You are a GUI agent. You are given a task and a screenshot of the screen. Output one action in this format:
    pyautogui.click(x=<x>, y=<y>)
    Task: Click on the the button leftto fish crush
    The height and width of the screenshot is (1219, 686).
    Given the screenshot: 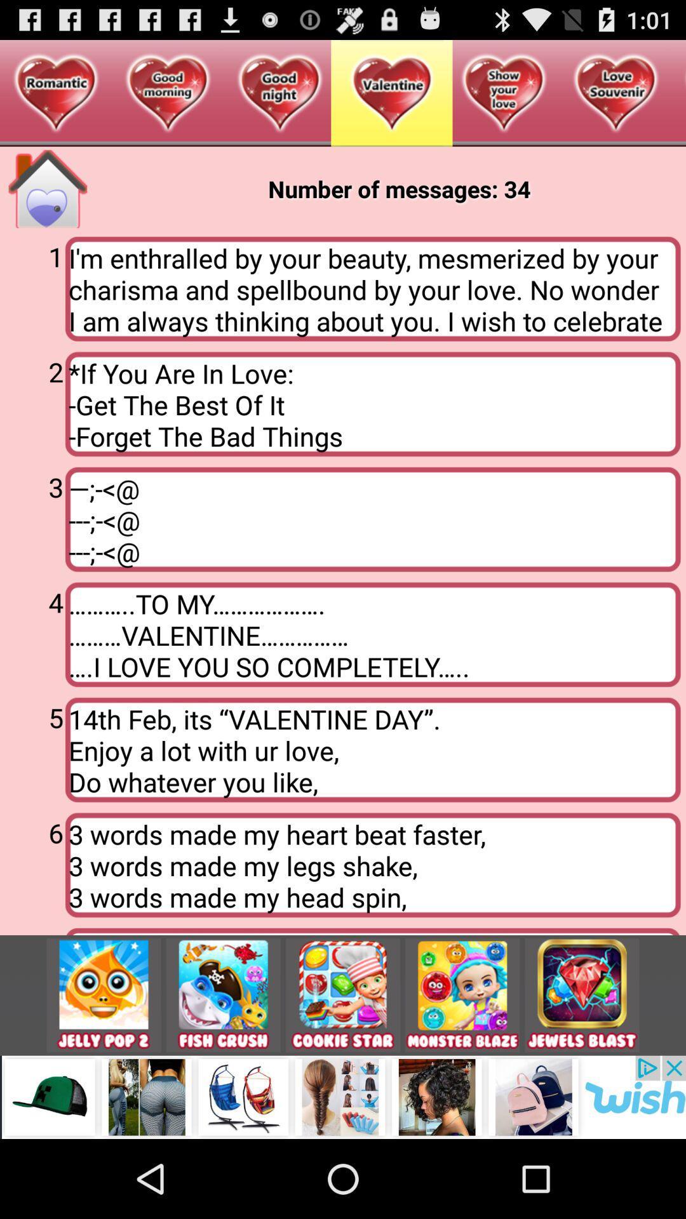 What is the action you would take?
    pyautogui.click(x=104, y=995)
    